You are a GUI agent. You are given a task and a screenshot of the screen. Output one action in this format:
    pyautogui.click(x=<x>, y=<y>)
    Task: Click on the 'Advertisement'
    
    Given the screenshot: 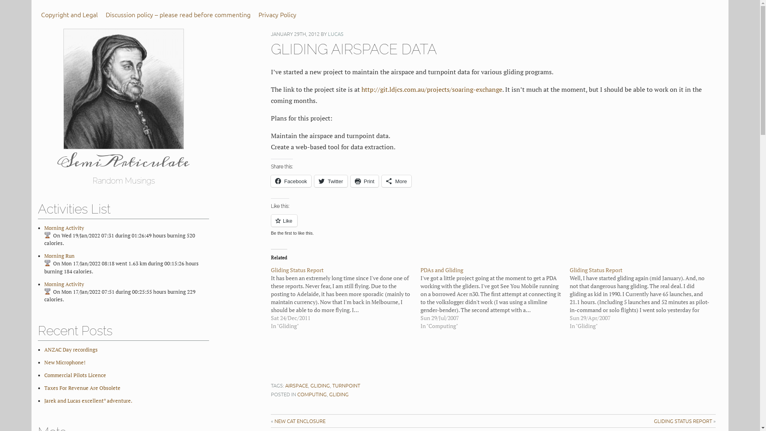 What is the action you would take?
    pyautogui.click(x=415, y=360)
    